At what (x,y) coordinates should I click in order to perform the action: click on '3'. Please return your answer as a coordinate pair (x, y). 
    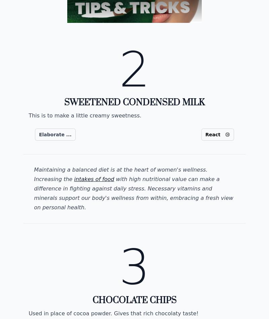
    Looking at the image, I should click on (134, 267).